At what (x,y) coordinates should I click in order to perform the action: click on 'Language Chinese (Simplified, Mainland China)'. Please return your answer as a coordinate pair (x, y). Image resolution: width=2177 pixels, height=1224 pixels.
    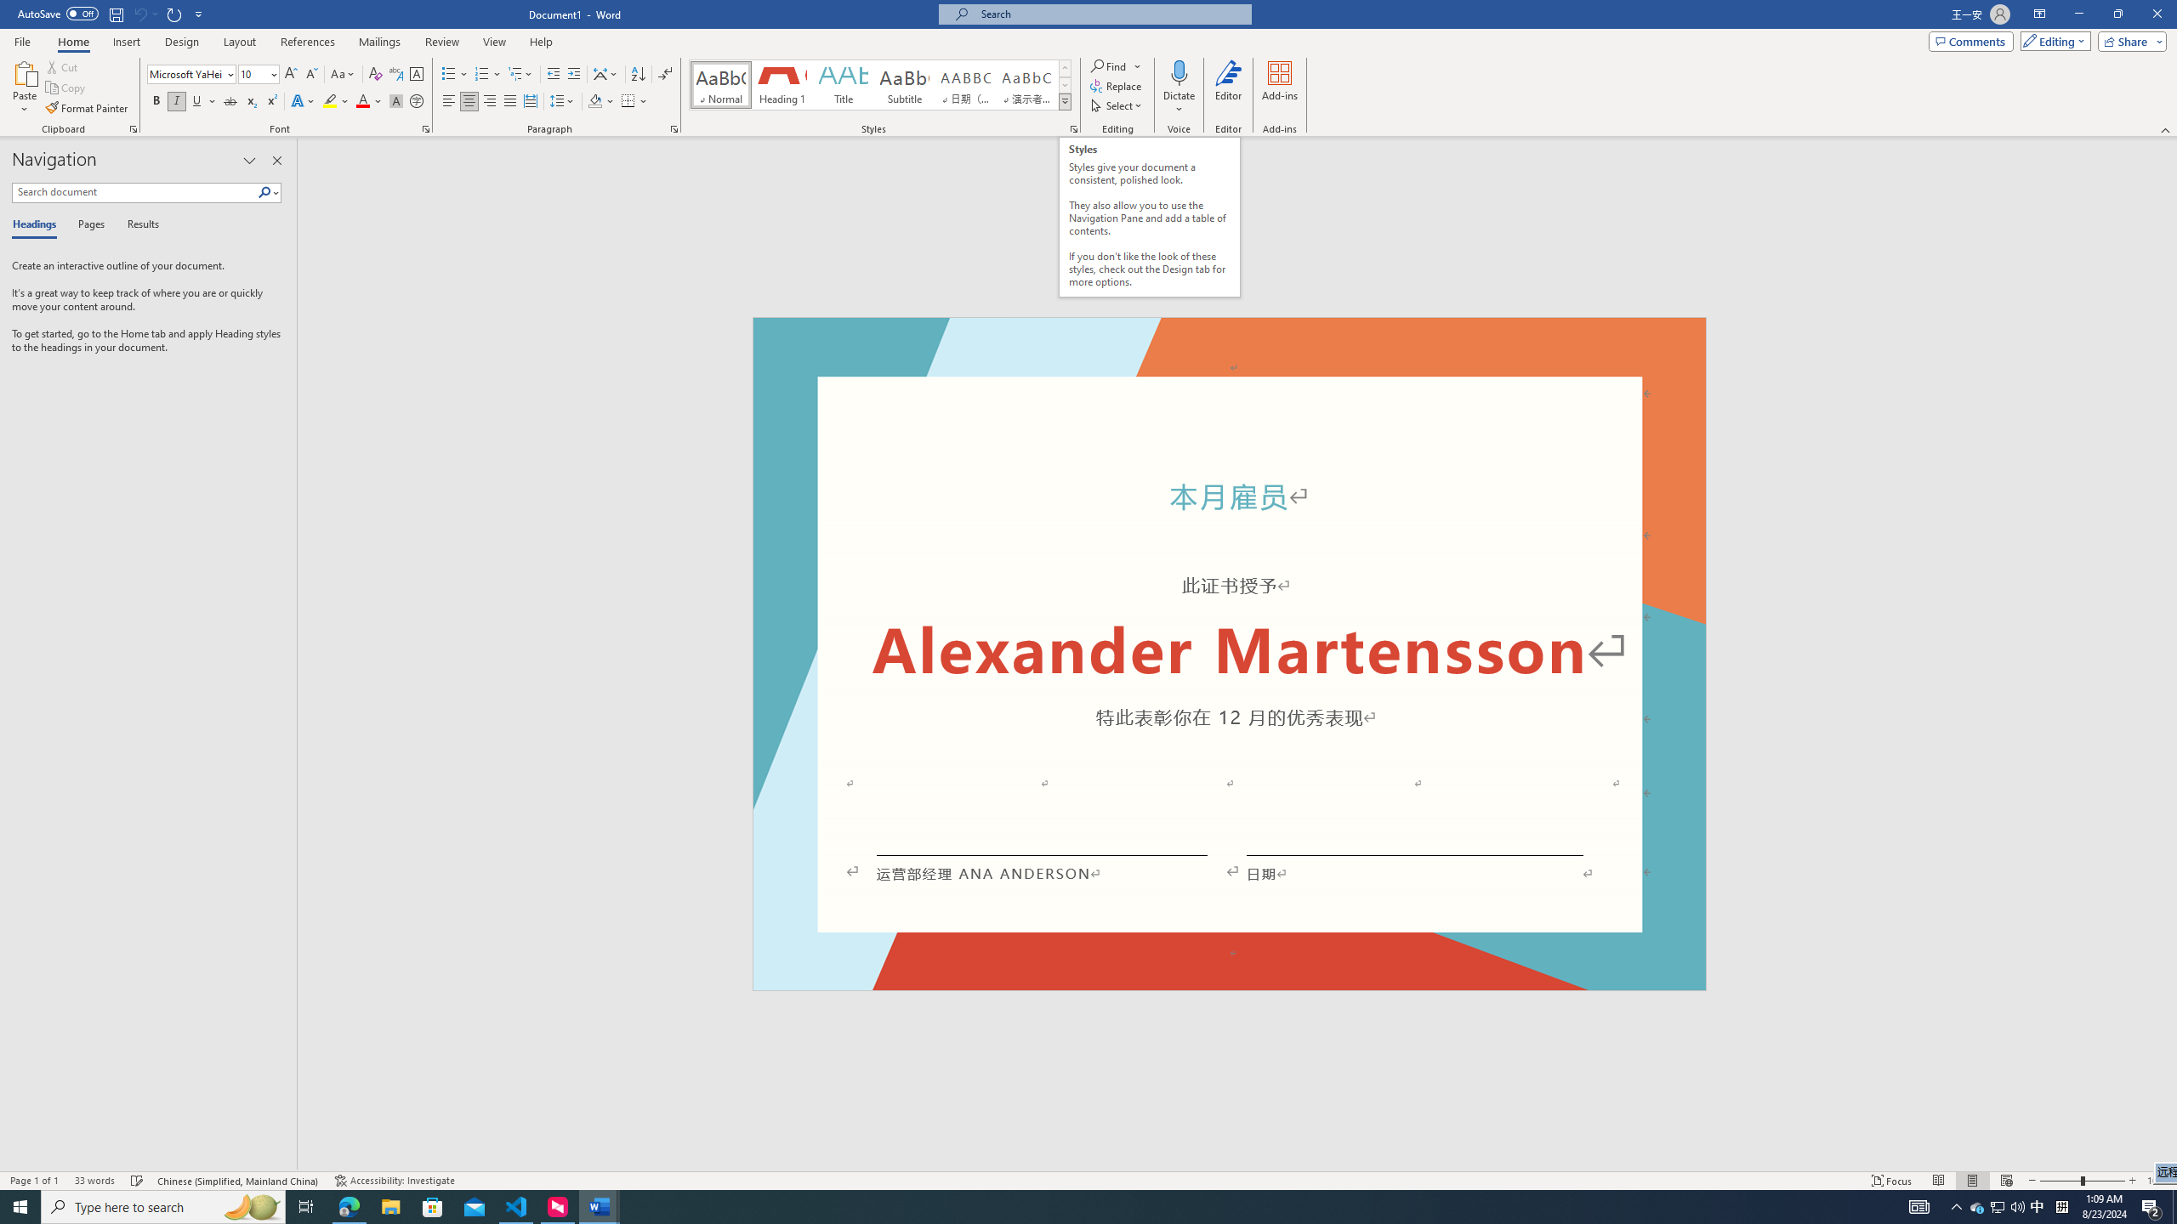
    Looking at the image, I should click on (239, 1181).